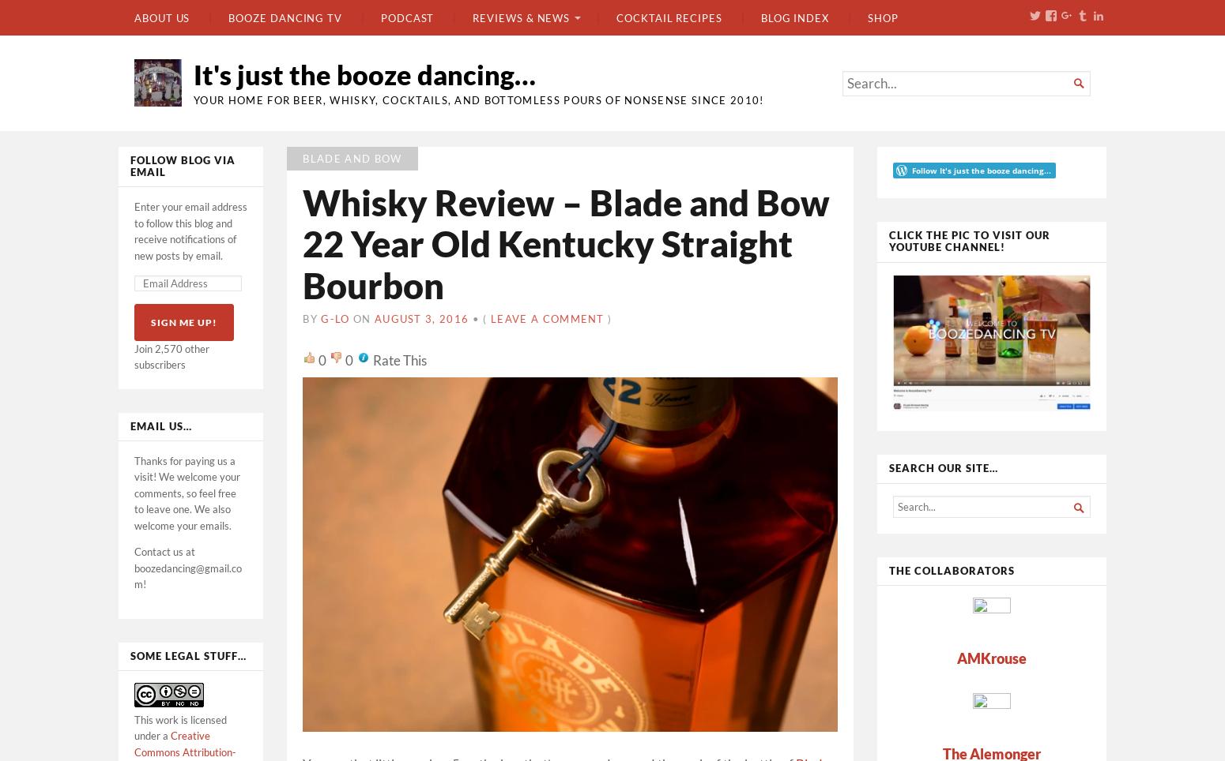  I want to click on 'Podcast', so click(406, 16).